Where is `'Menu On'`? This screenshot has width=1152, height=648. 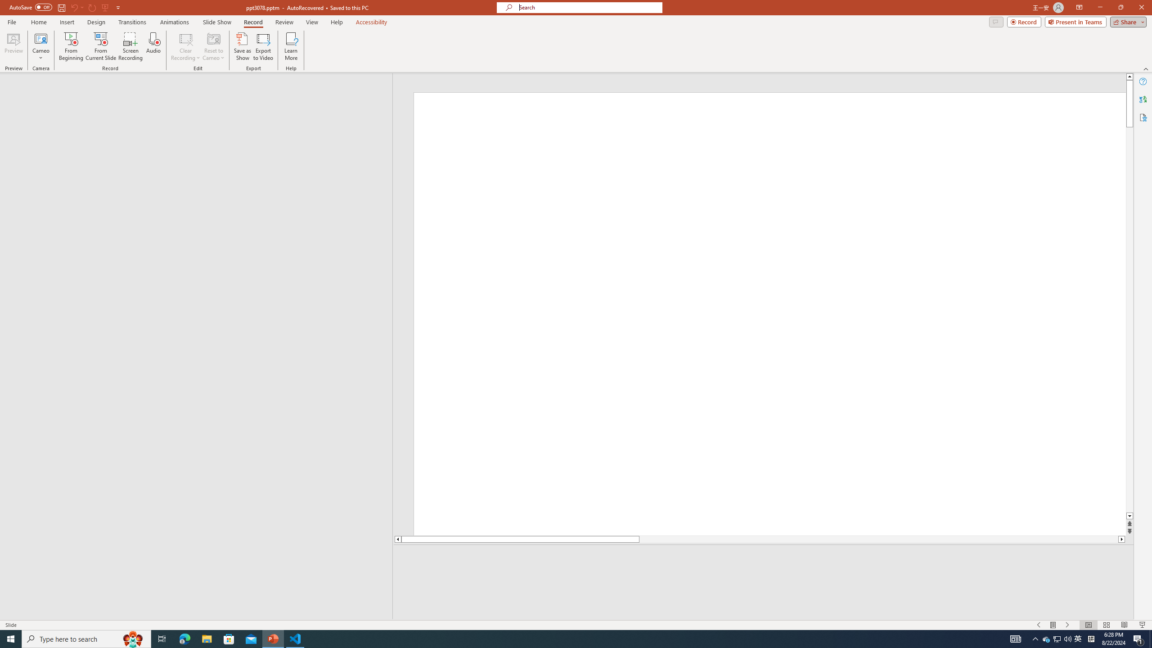
'Menu On' is located at coordinates (1053, 625).